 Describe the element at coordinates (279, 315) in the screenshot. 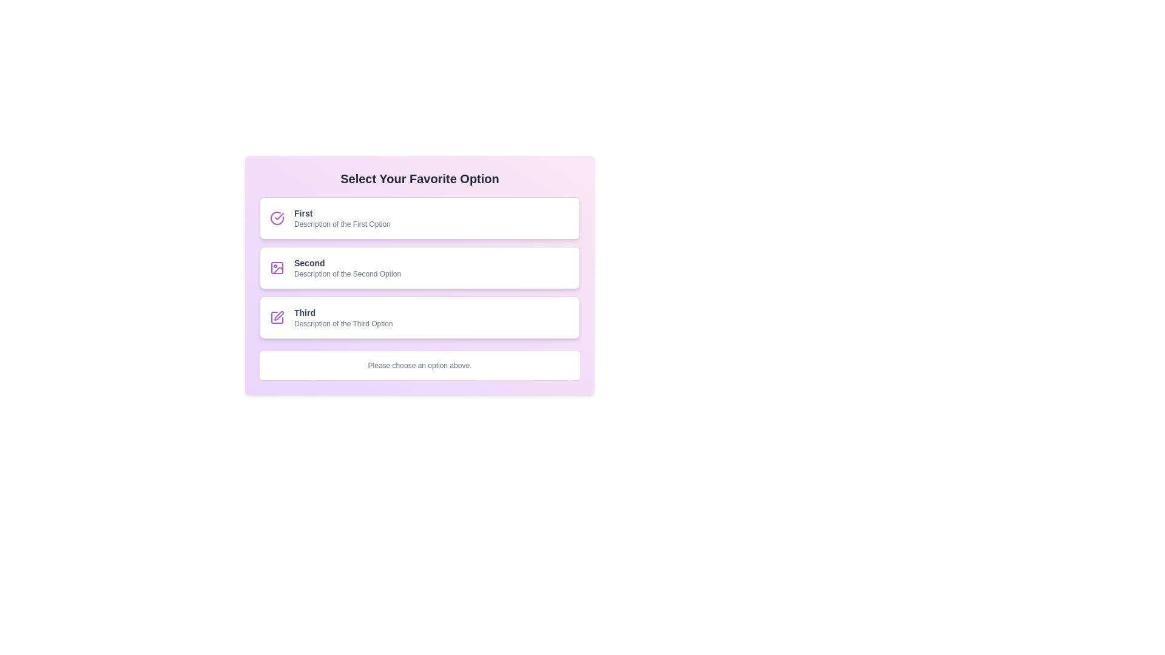

I see `the 'edit' SVG icon located to the left of the 'Third' option in the list, which serves as a visual cue for writing actions` at that location.